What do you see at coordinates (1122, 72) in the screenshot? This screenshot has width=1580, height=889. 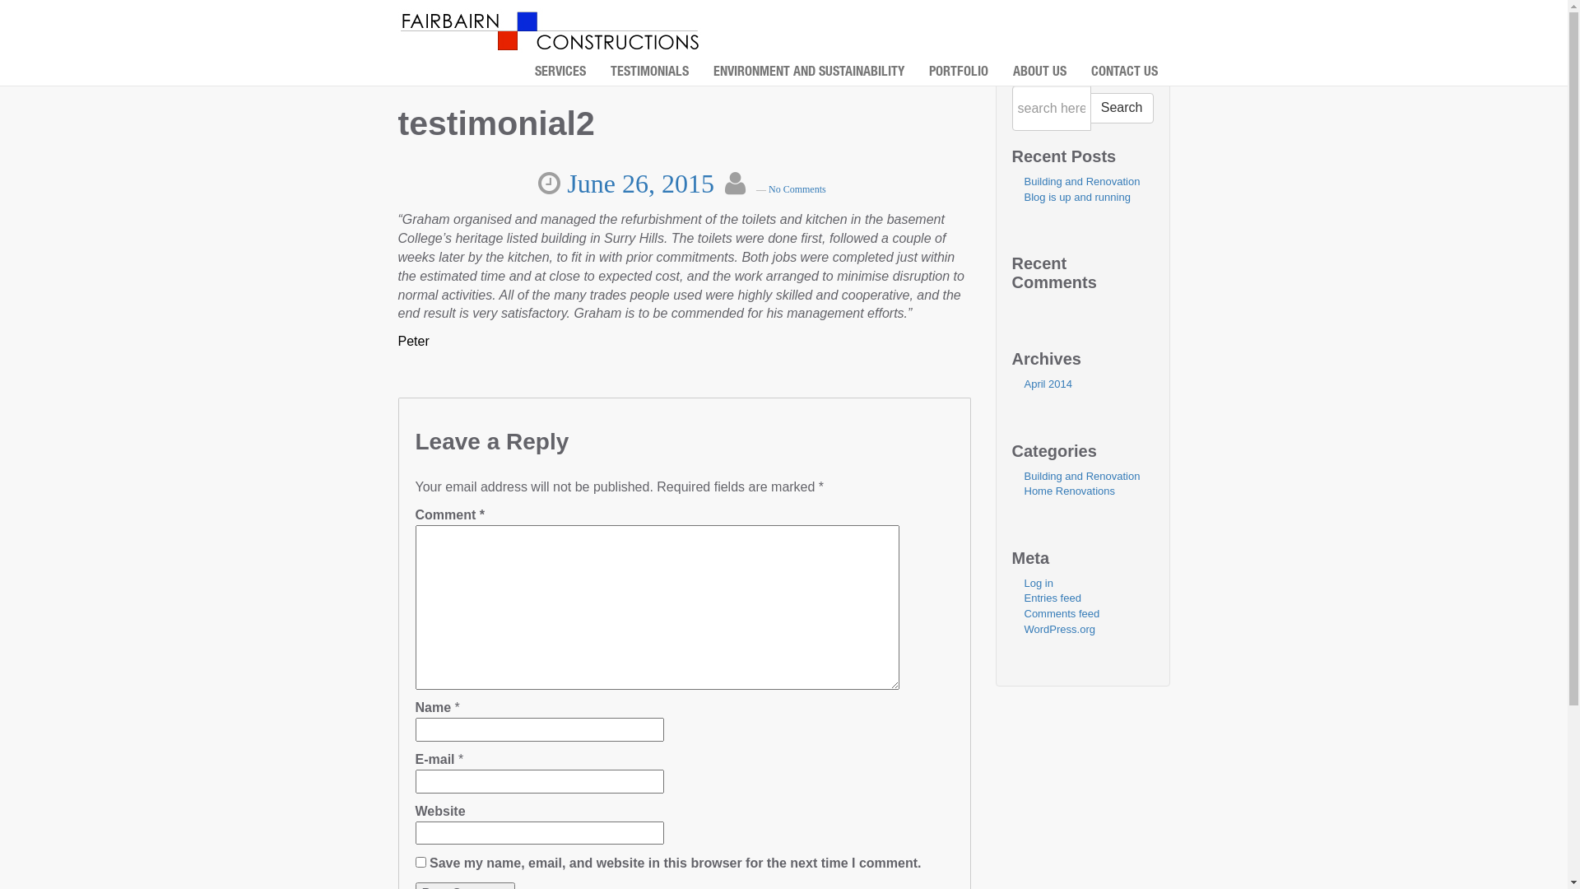 I see `'CONTACT US'` at bounding box center [1122, 72].